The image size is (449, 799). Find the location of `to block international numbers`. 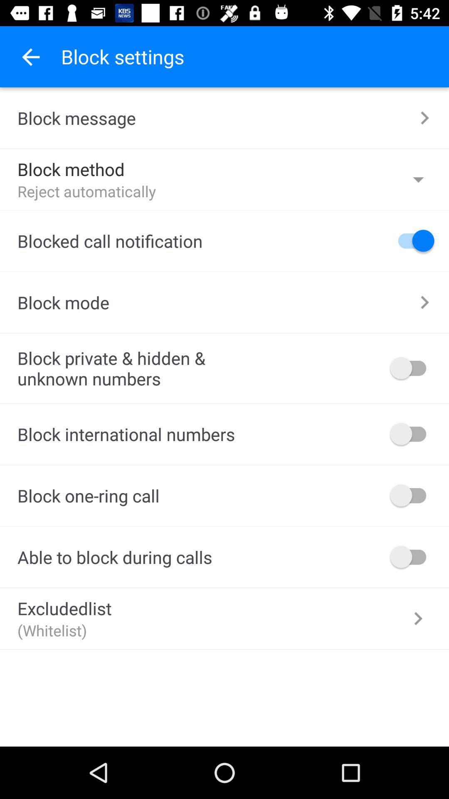

to block international numbers is located at coordinates (412, 433).